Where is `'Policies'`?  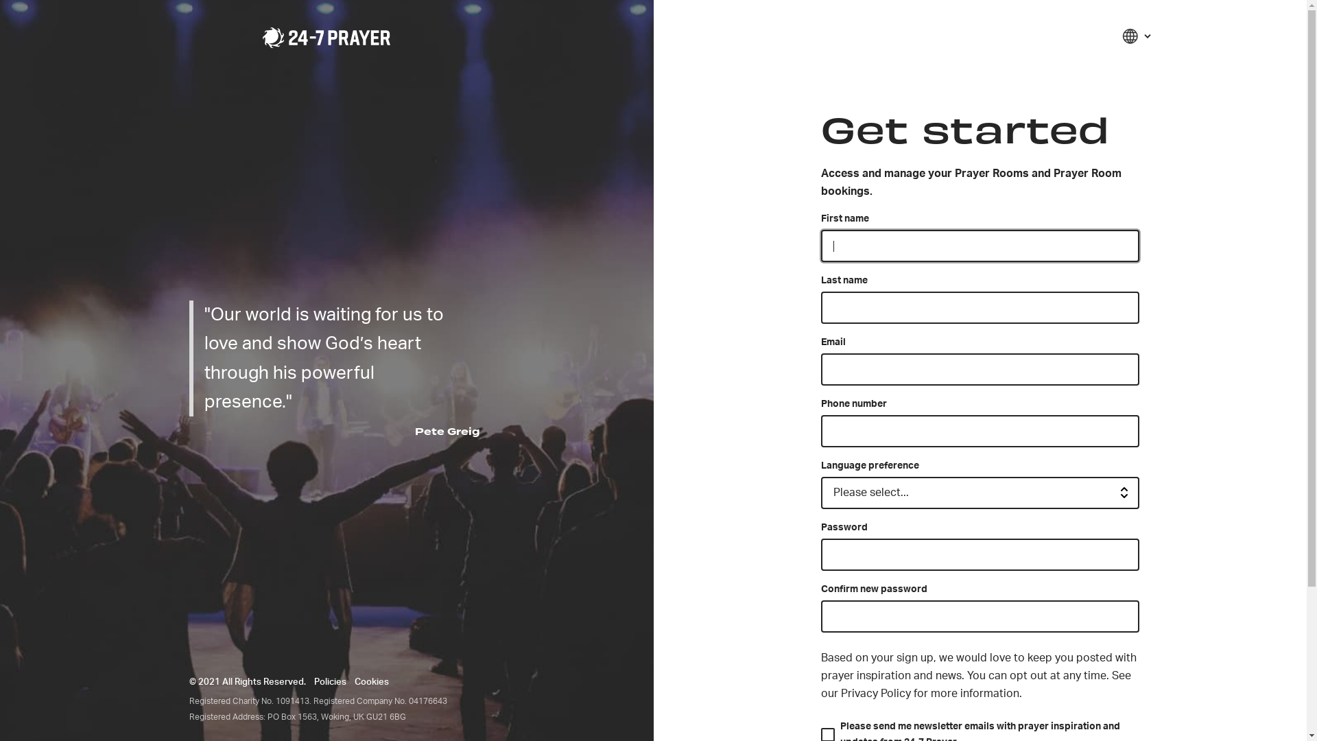
'Policies' is located at coordinates (330, 682).